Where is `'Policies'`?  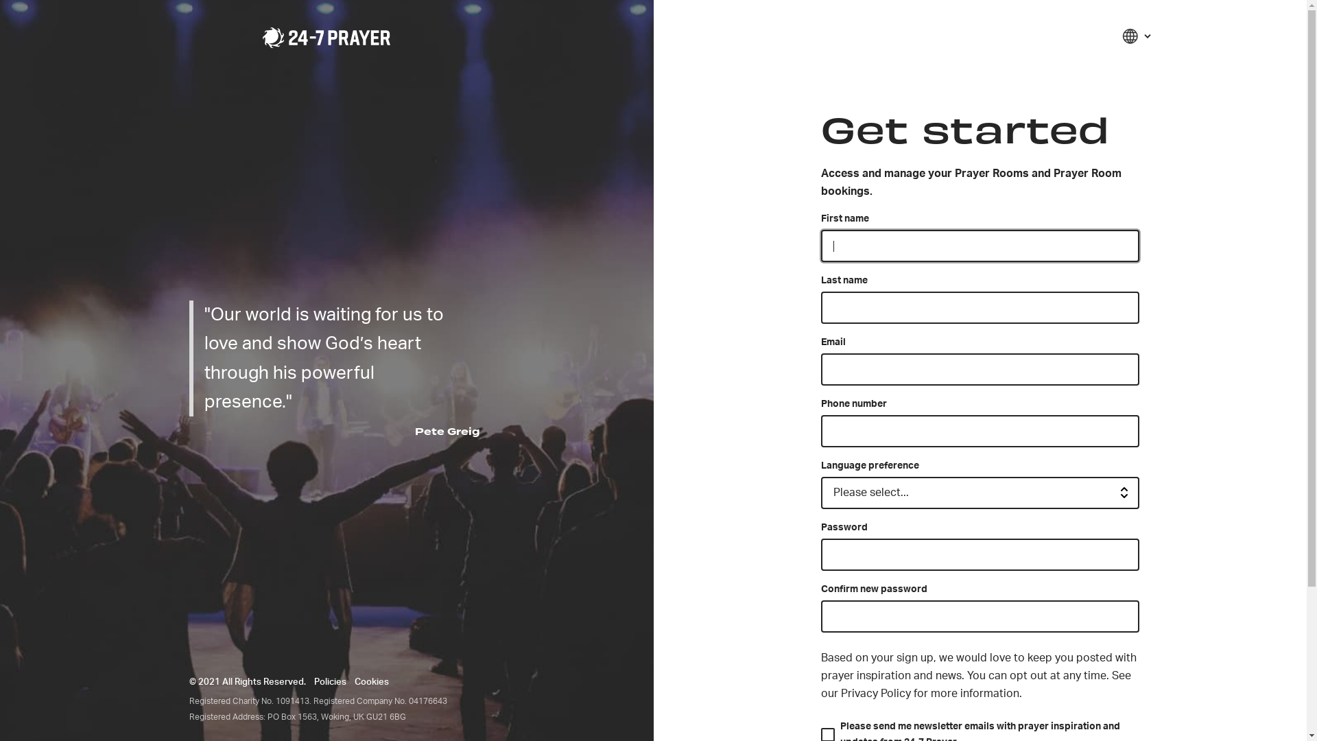
'Policies' is located at coordinates (330, 682).